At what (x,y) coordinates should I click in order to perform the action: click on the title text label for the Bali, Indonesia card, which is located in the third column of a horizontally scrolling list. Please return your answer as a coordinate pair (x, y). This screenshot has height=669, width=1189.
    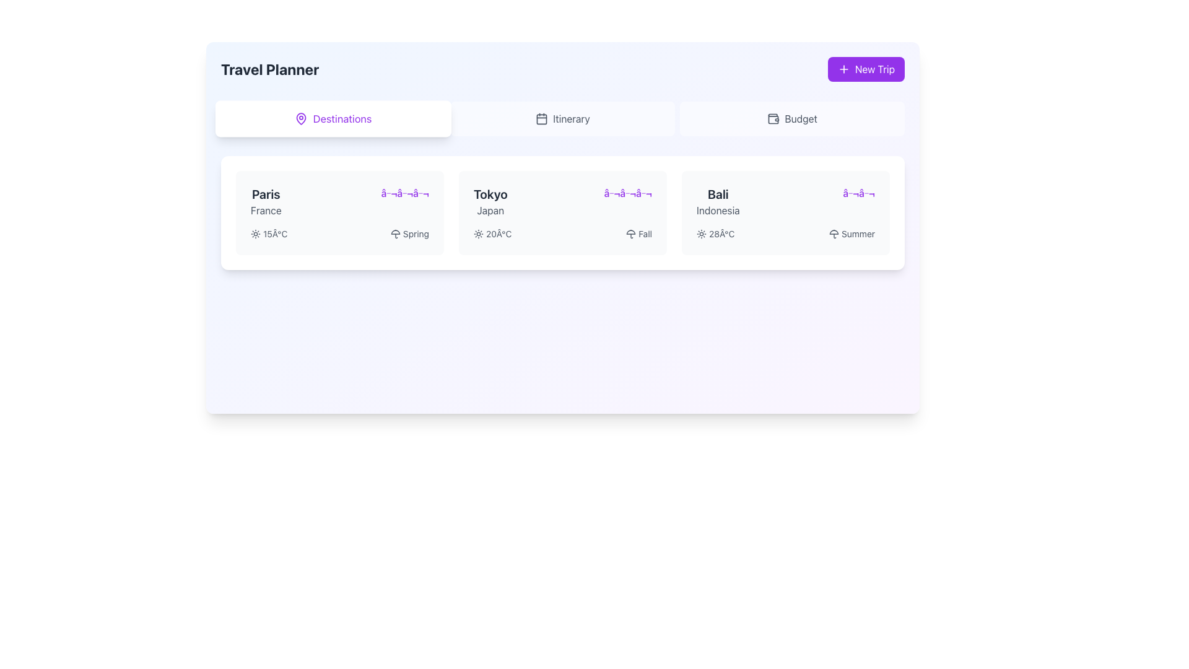
    Looking at the image, I should click on (718, 194).